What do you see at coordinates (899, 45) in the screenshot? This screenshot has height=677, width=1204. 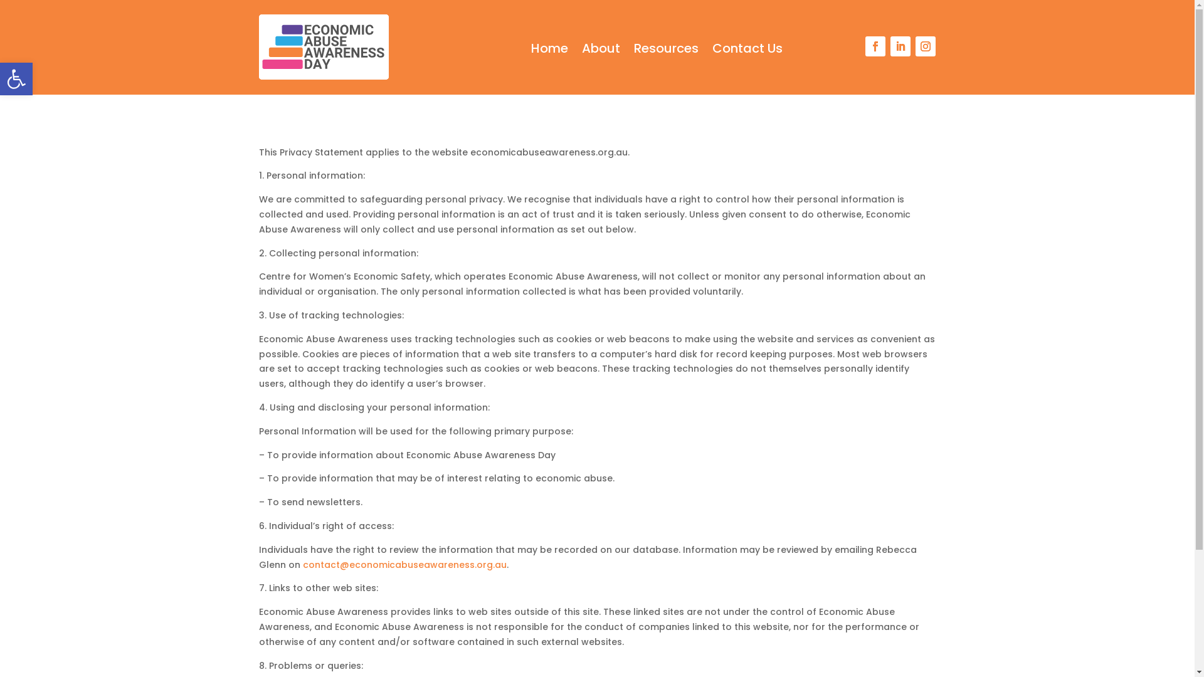 I see `'Follow on LinkedIn'` at bounding box center [899, 45].